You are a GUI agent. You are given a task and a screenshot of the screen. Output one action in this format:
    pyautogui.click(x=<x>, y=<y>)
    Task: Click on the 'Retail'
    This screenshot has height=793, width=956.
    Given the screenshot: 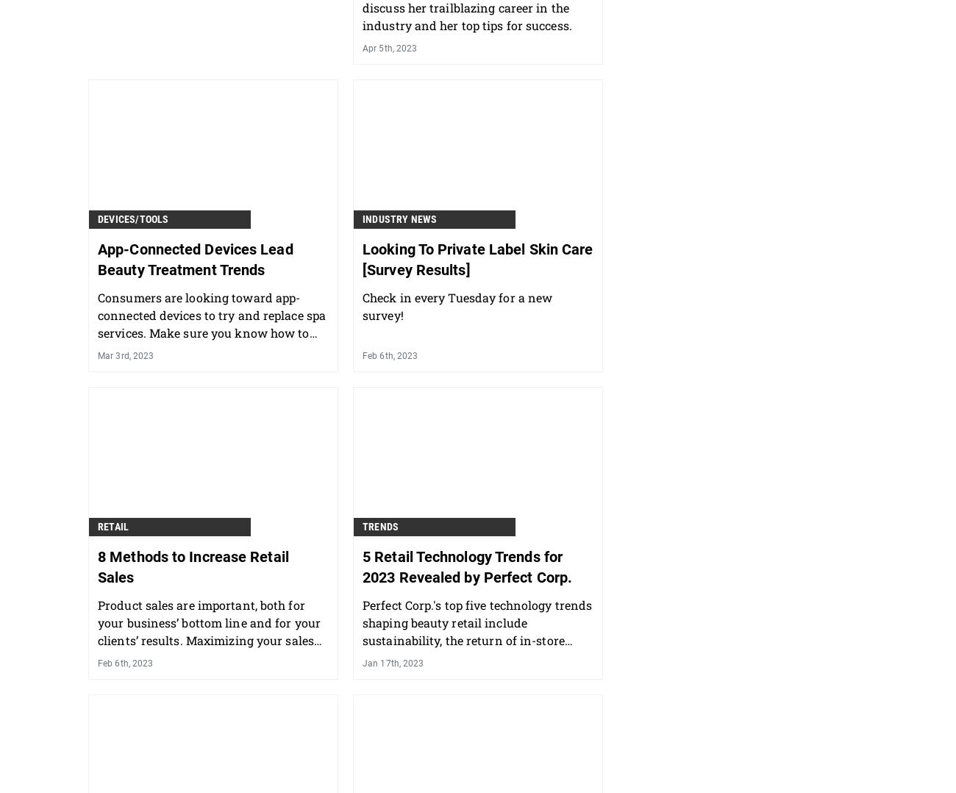 What is the action you would take?
    pyautogui.click(x=113, y=526)
    